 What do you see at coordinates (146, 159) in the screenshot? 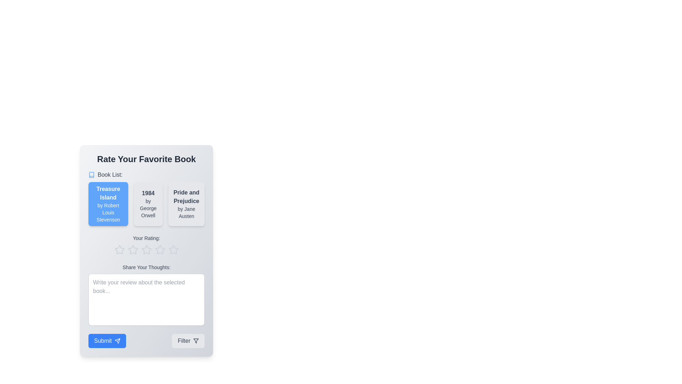
I see `the static text heading 'Rate Your Favorite Book' for context by moving the cursor to its central position` at bounding box center [146, 159].